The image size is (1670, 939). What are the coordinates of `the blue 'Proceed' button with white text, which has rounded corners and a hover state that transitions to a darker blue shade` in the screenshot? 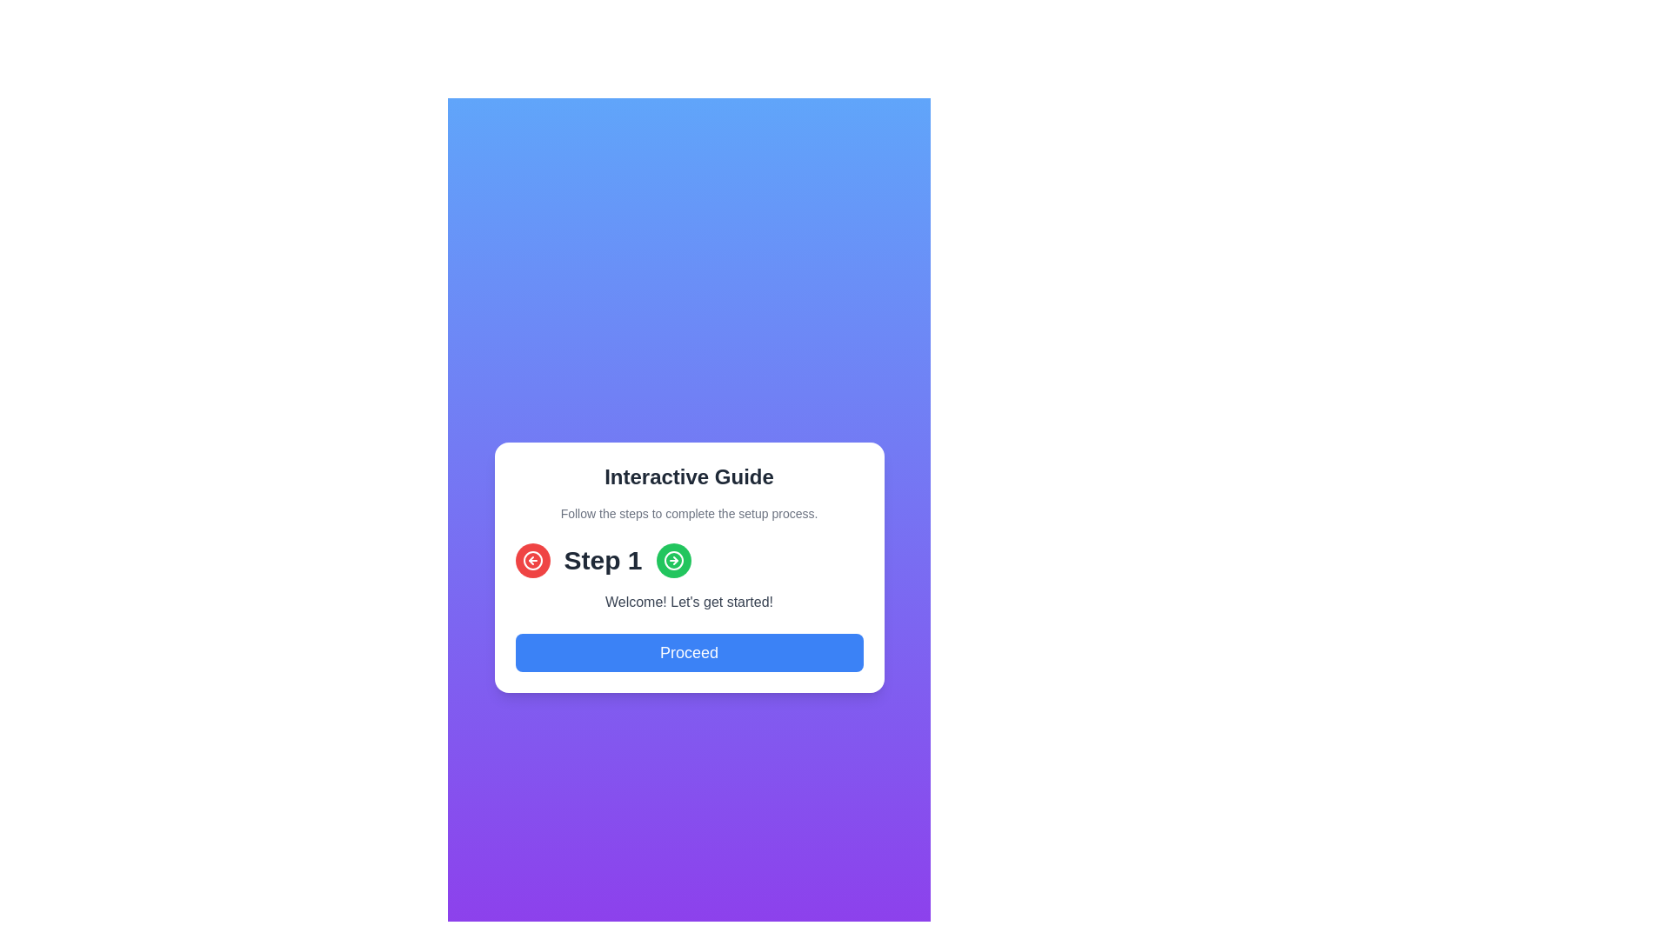 It's located at (688, 653).